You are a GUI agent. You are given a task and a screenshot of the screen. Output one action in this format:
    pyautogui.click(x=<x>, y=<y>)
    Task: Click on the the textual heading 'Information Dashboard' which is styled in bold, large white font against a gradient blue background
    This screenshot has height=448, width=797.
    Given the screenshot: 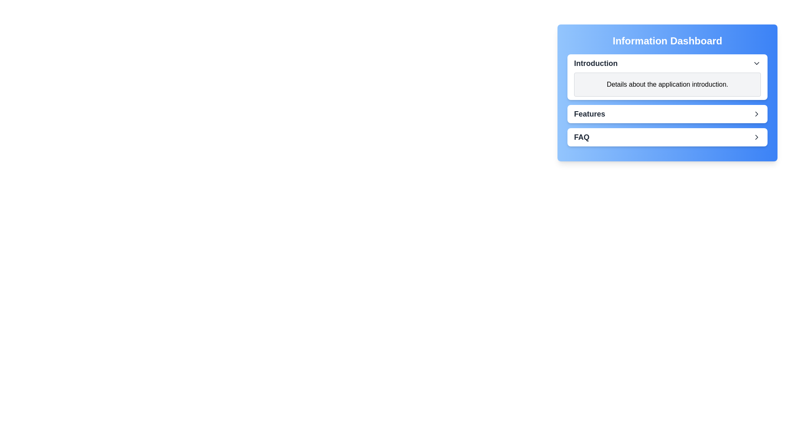 What is the action you would take?
    pyautogui.click(x=667, y=41)
    